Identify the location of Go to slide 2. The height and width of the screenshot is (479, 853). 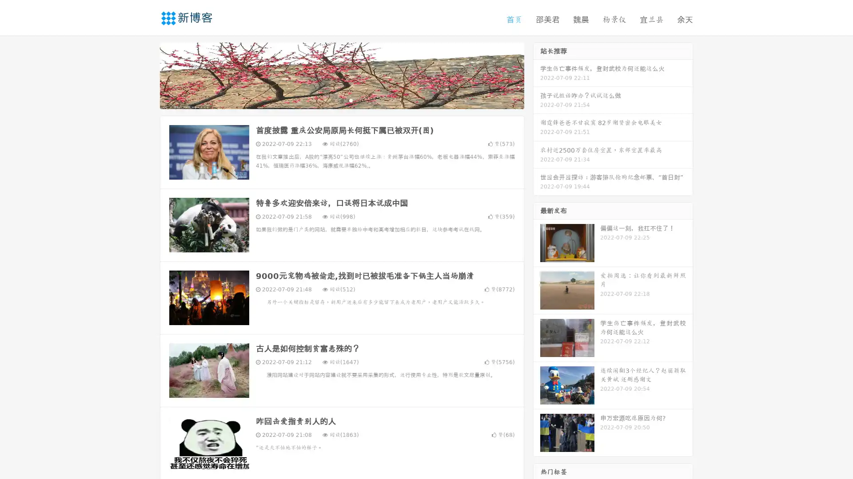
(341, 100).